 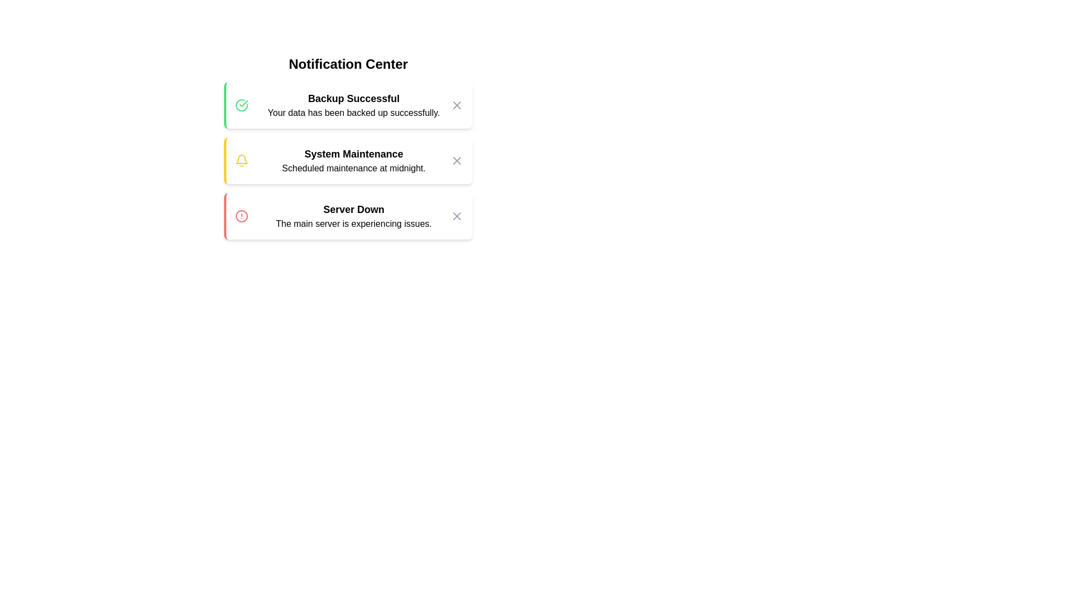 What do you see at coordinates (348, 105) in the screenshot?
I see `the notification titled 'Backup Successful' to observe its hover effect` at bounding box center [348, 105].